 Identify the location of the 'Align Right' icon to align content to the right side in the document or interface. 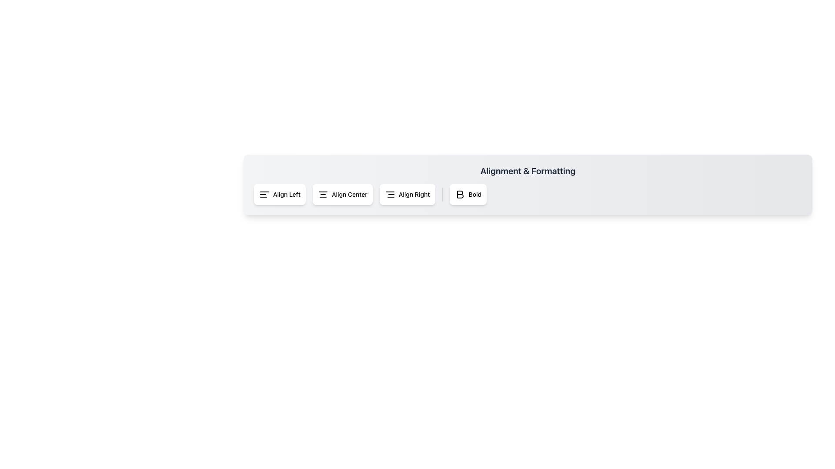
(389, 194).